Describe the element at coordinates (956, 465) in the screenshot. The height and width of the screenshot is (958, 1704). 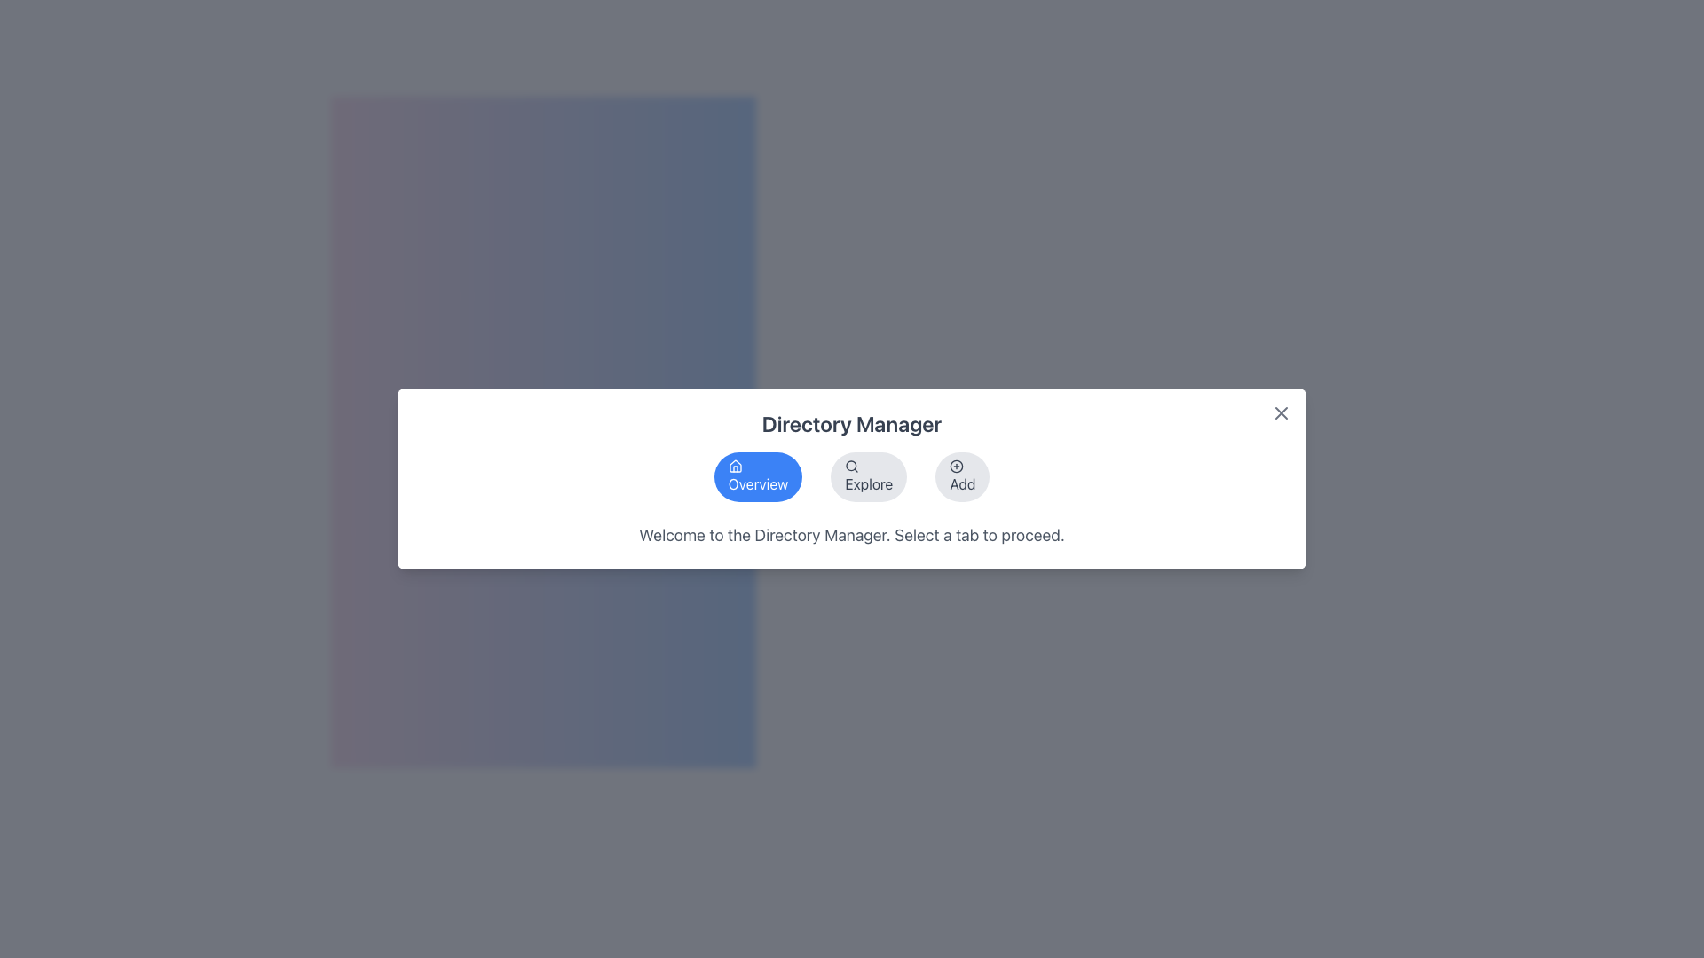
I see `the 'Add' button icon within the Directory Manager modal` at that location.